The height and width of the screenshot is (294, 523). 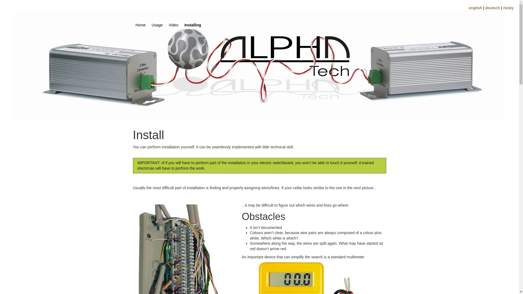 I want to click on 'Home', so click(x=133, y=25).